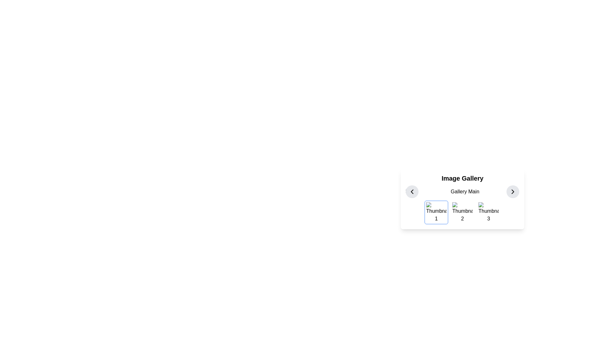 This screenshot has height=344, width=612. What do you see at coordinates (488, 212) in the screenshot?
I see `the rightmost image thumbnail in the gallery` at bounding box center [488, 212].